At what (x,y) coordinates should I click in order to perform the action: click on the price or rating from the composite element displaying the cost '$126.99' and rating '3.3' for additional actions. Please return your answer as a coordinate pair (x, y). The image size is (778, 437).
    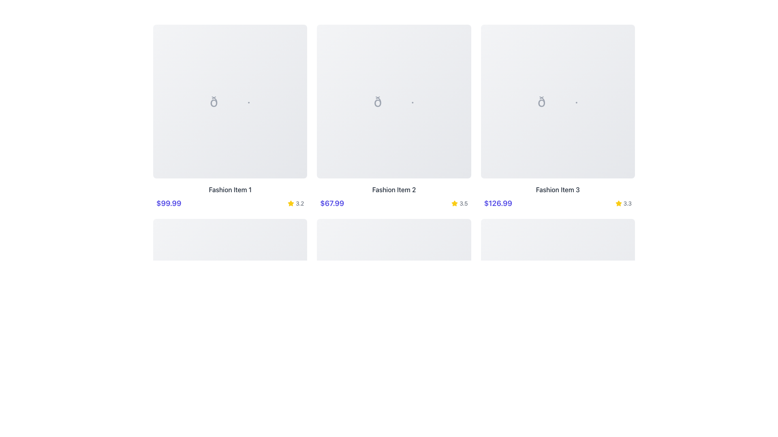
    Looking at the image, I should click on (557, 203).